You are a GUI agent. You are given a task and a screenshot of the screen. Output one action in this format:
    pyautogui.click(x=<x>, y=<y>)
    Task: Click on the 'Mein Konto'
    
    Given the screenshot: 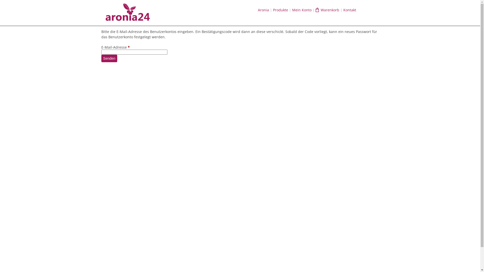 What is the action you would take?
    pyautogui.click(x=302, y=10)
    